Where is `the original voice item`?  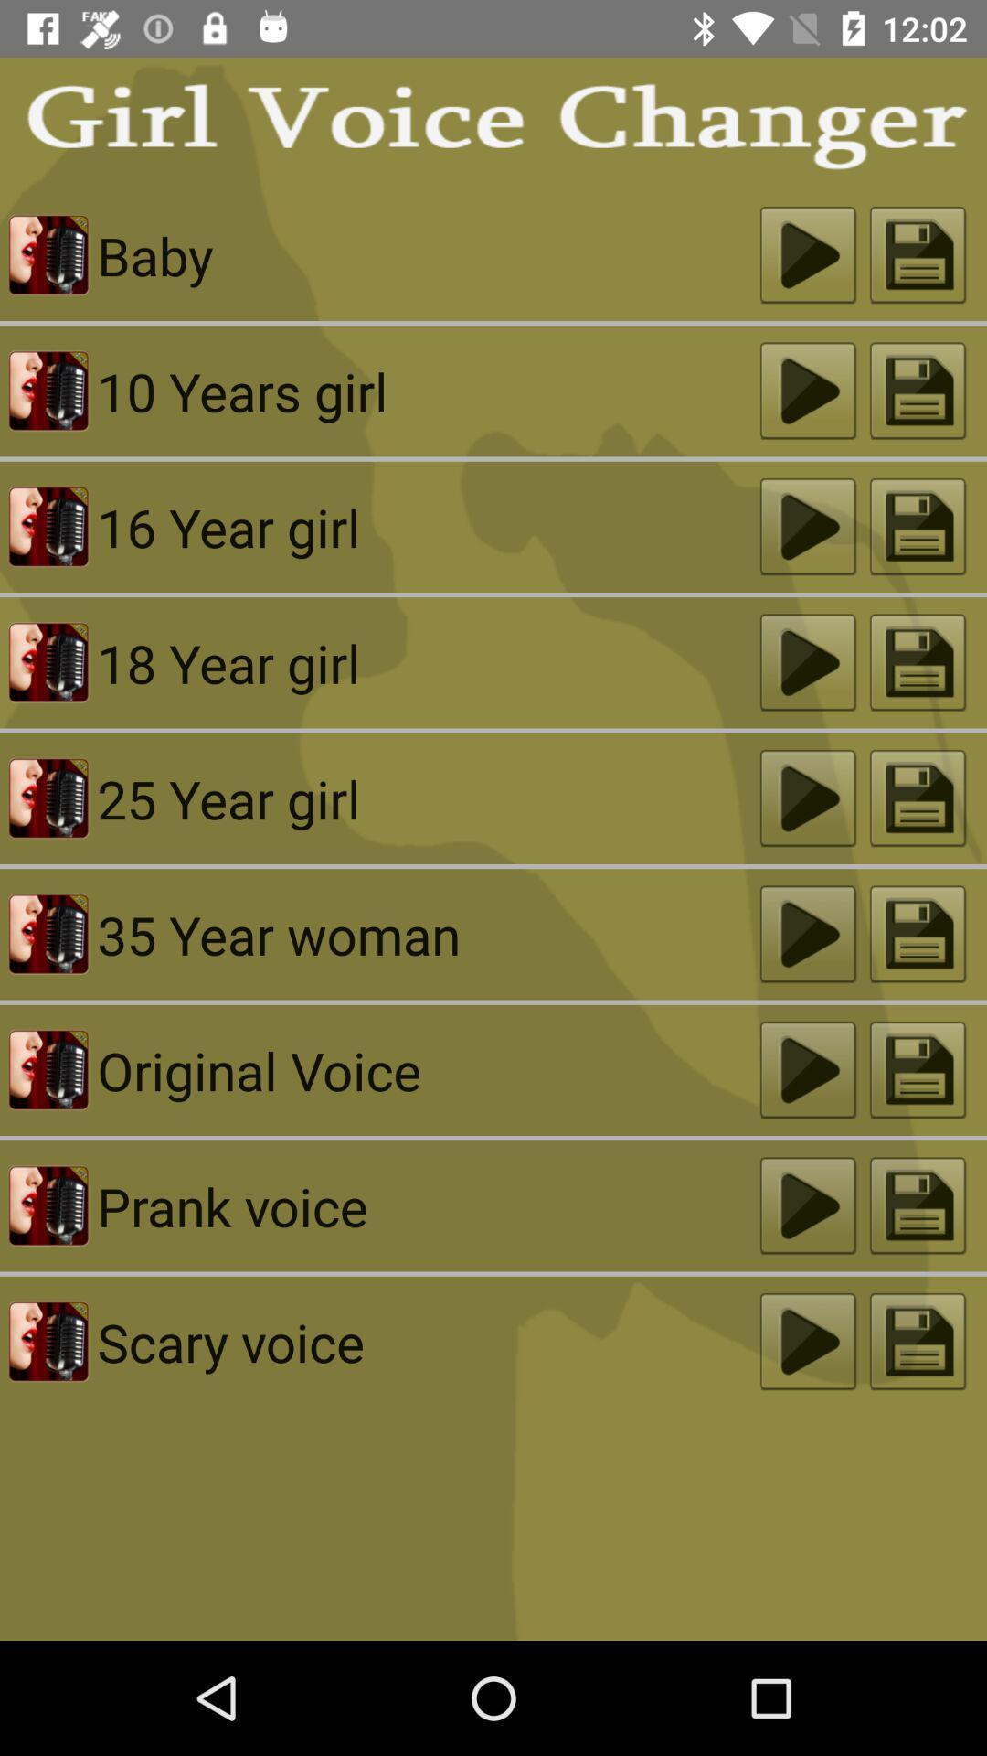
the original voice item is located at coordinates (429, 1070).